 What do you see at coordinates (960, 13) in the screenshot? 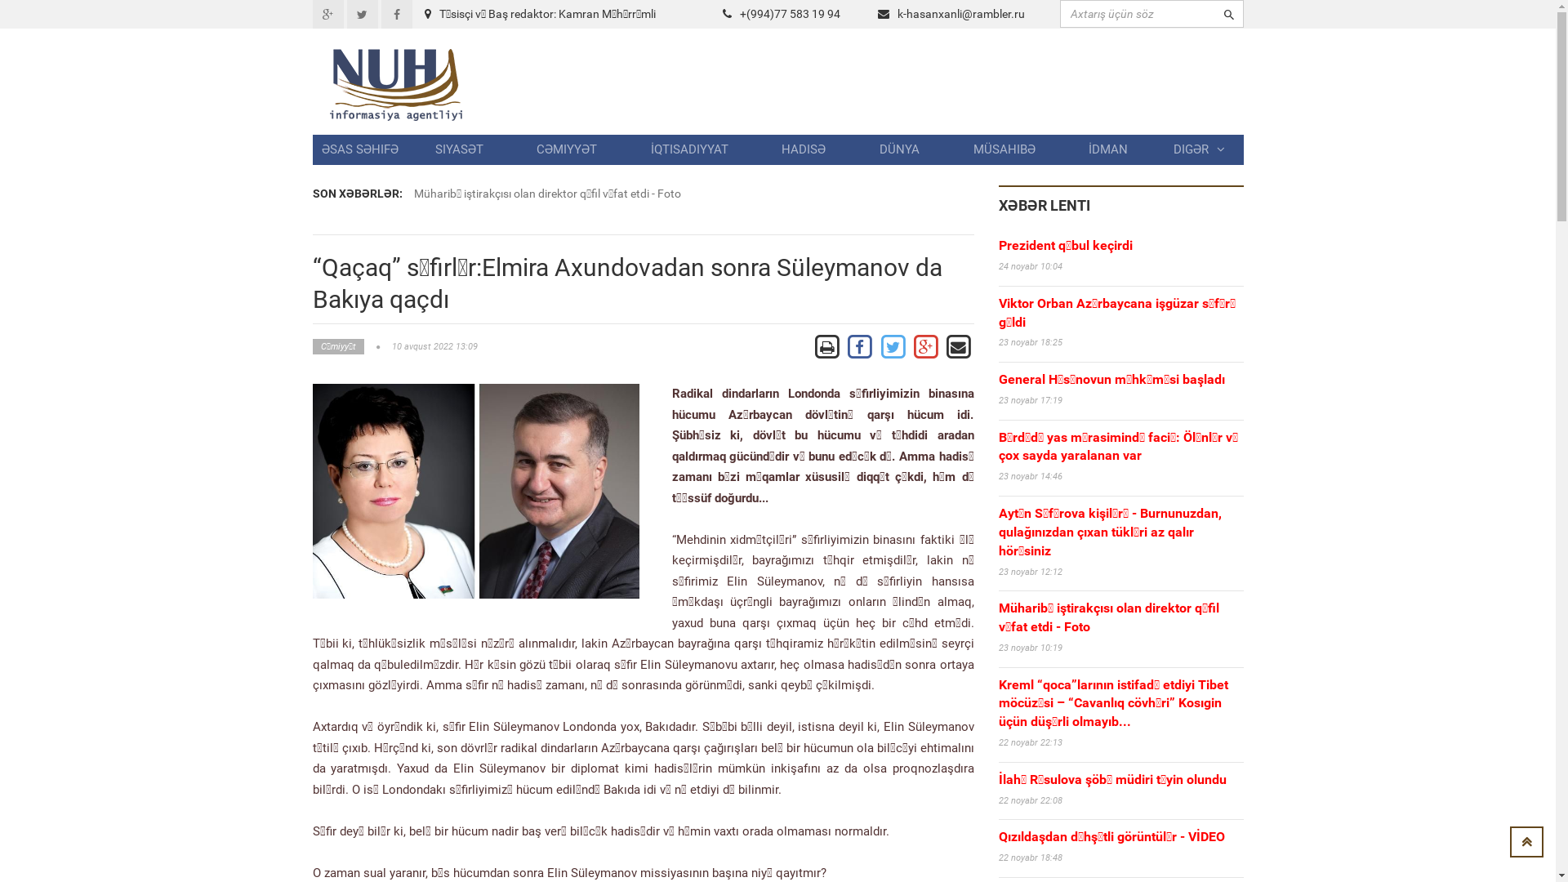
I see `'k-hasanxanli@rambler.ru'` at bounding box center [960, 13].